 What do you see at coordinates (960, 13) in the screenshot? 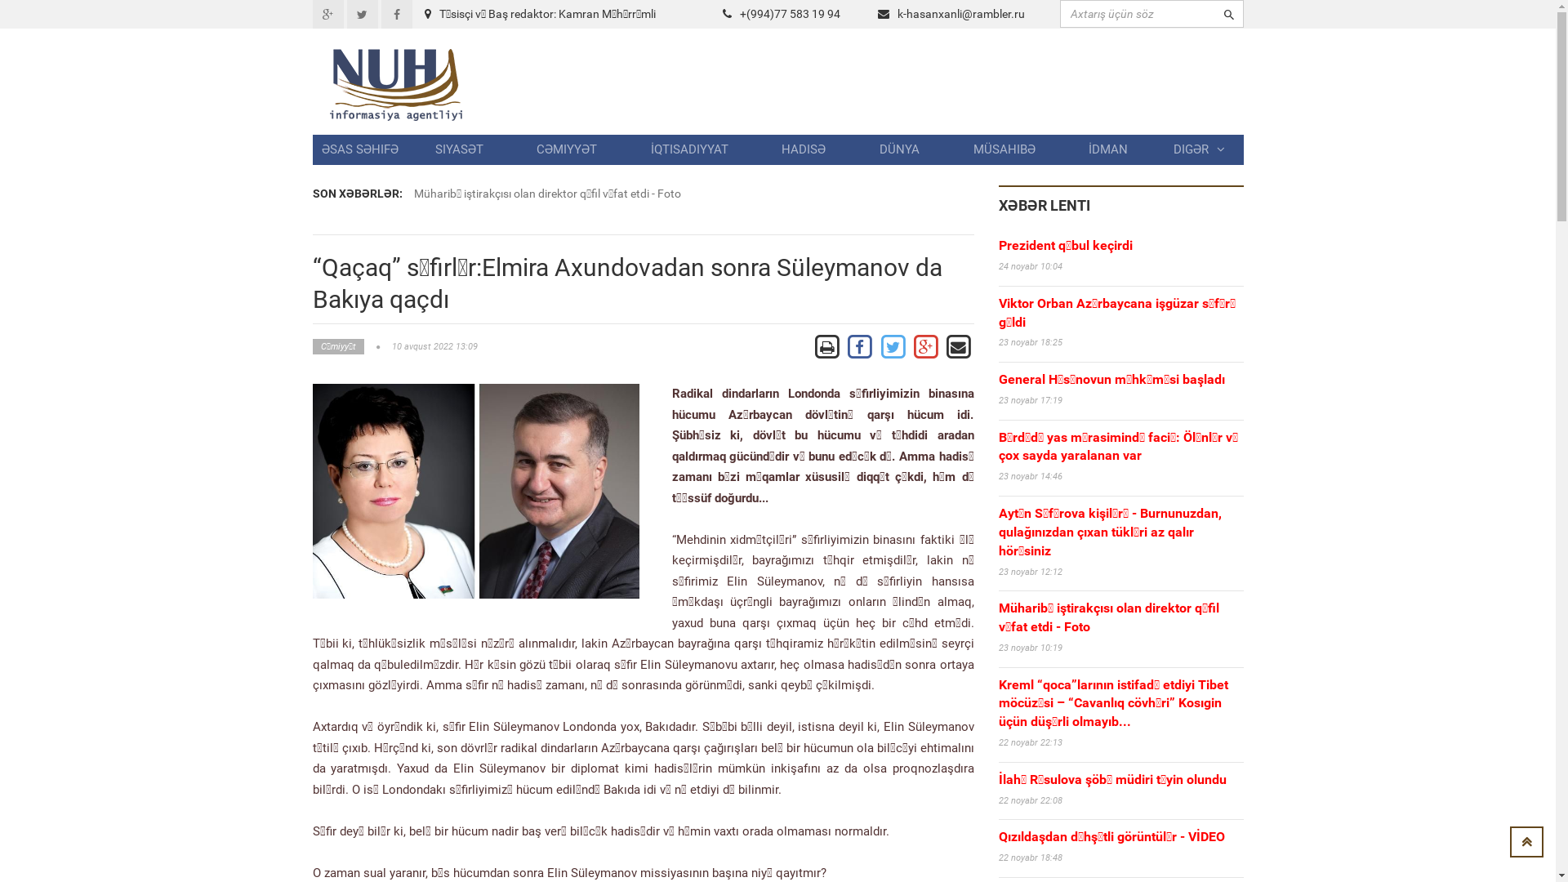
I see `'k-hasanxanli@rambler.ru'` at bounding box center [960, 13].